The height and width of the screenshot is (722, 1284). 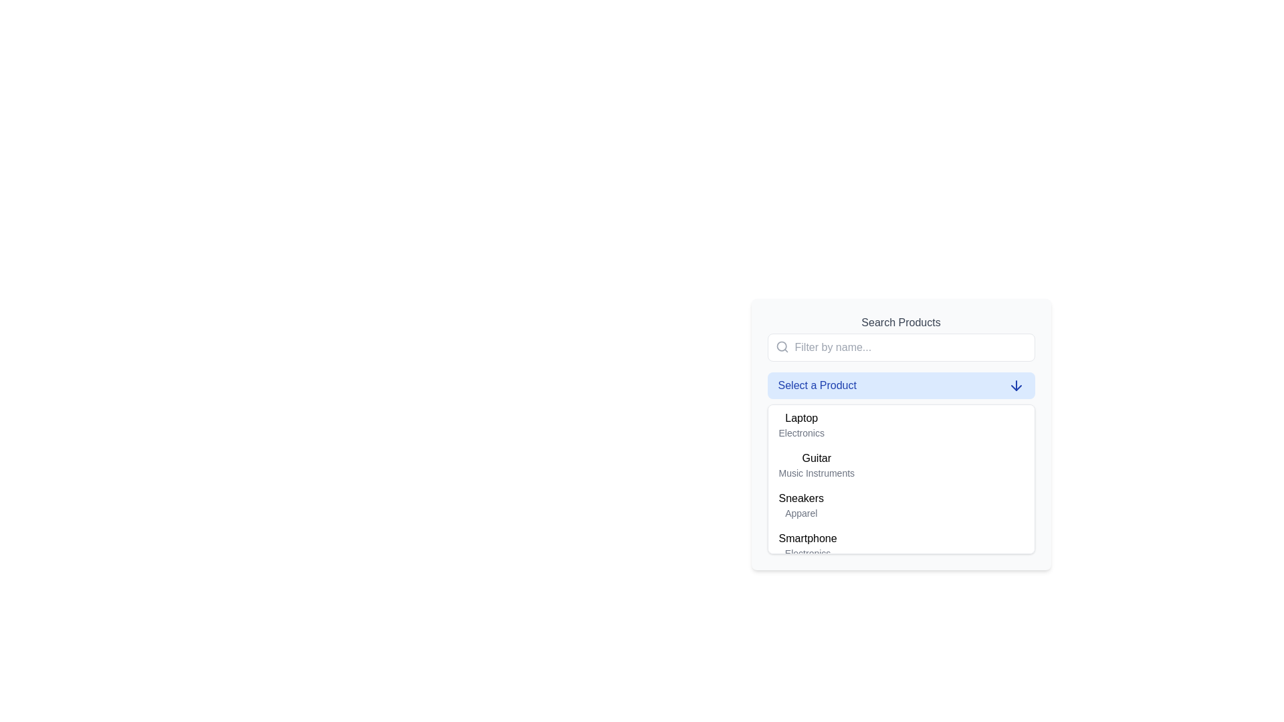 What do you see at coordinates (901, 546) in the screenshot?
I see `the fourth list item in the dropdown menu that displays 'Smartphone' in bold and 'Electronics' in smaller, gray font` at bounding box center [901, 546].